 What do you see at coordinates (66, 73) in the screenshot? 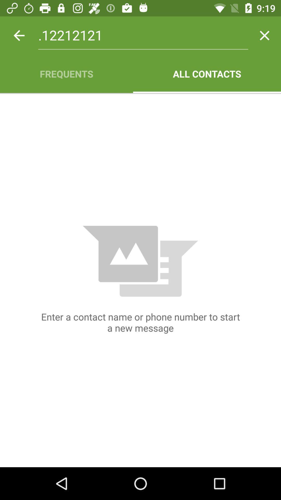
I see `the item next to the all contacts item` at bounding box center [66, 73].